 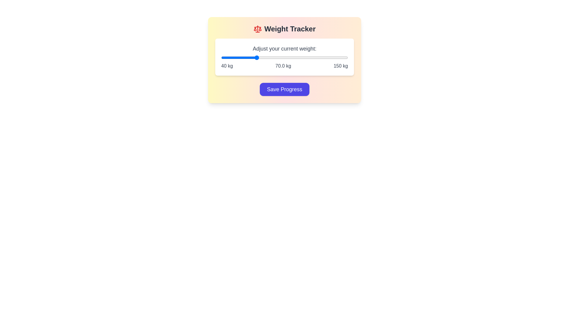 I want to click on the weight slider to 53 kg, so click(x=236, y=57).